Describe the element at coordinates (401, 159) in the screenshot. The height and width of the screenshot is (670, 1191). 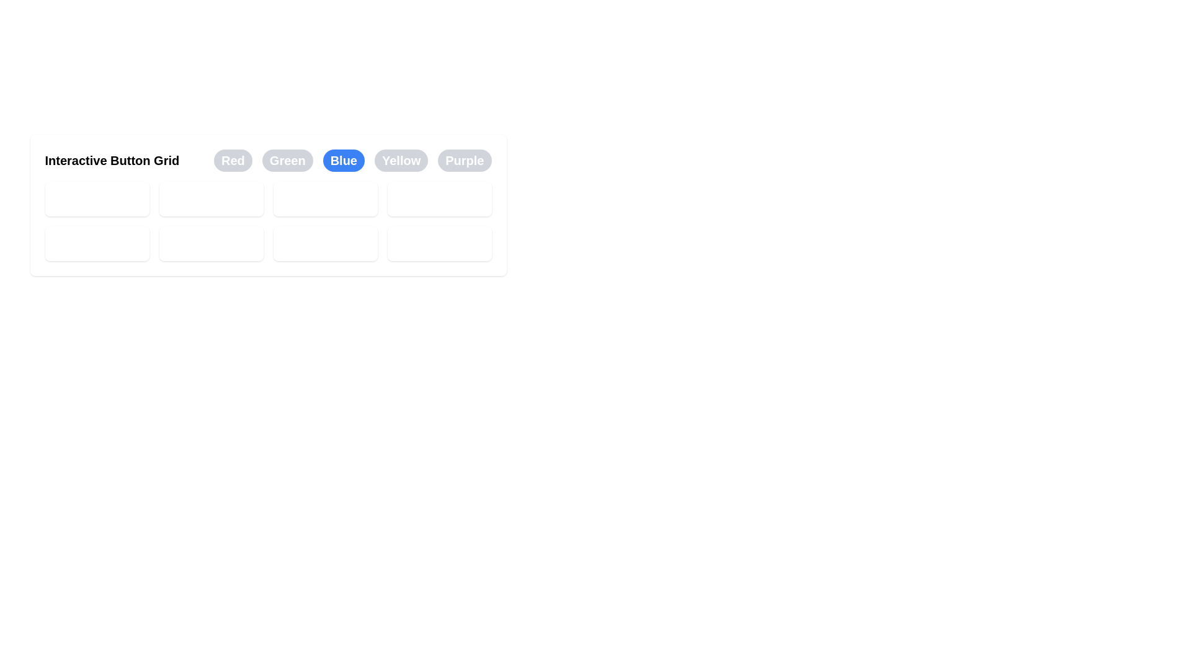
I see `the 'Yellow' button, which is the fourth capsule-shaped button between 'Blue' and 'Purple'` at that location.